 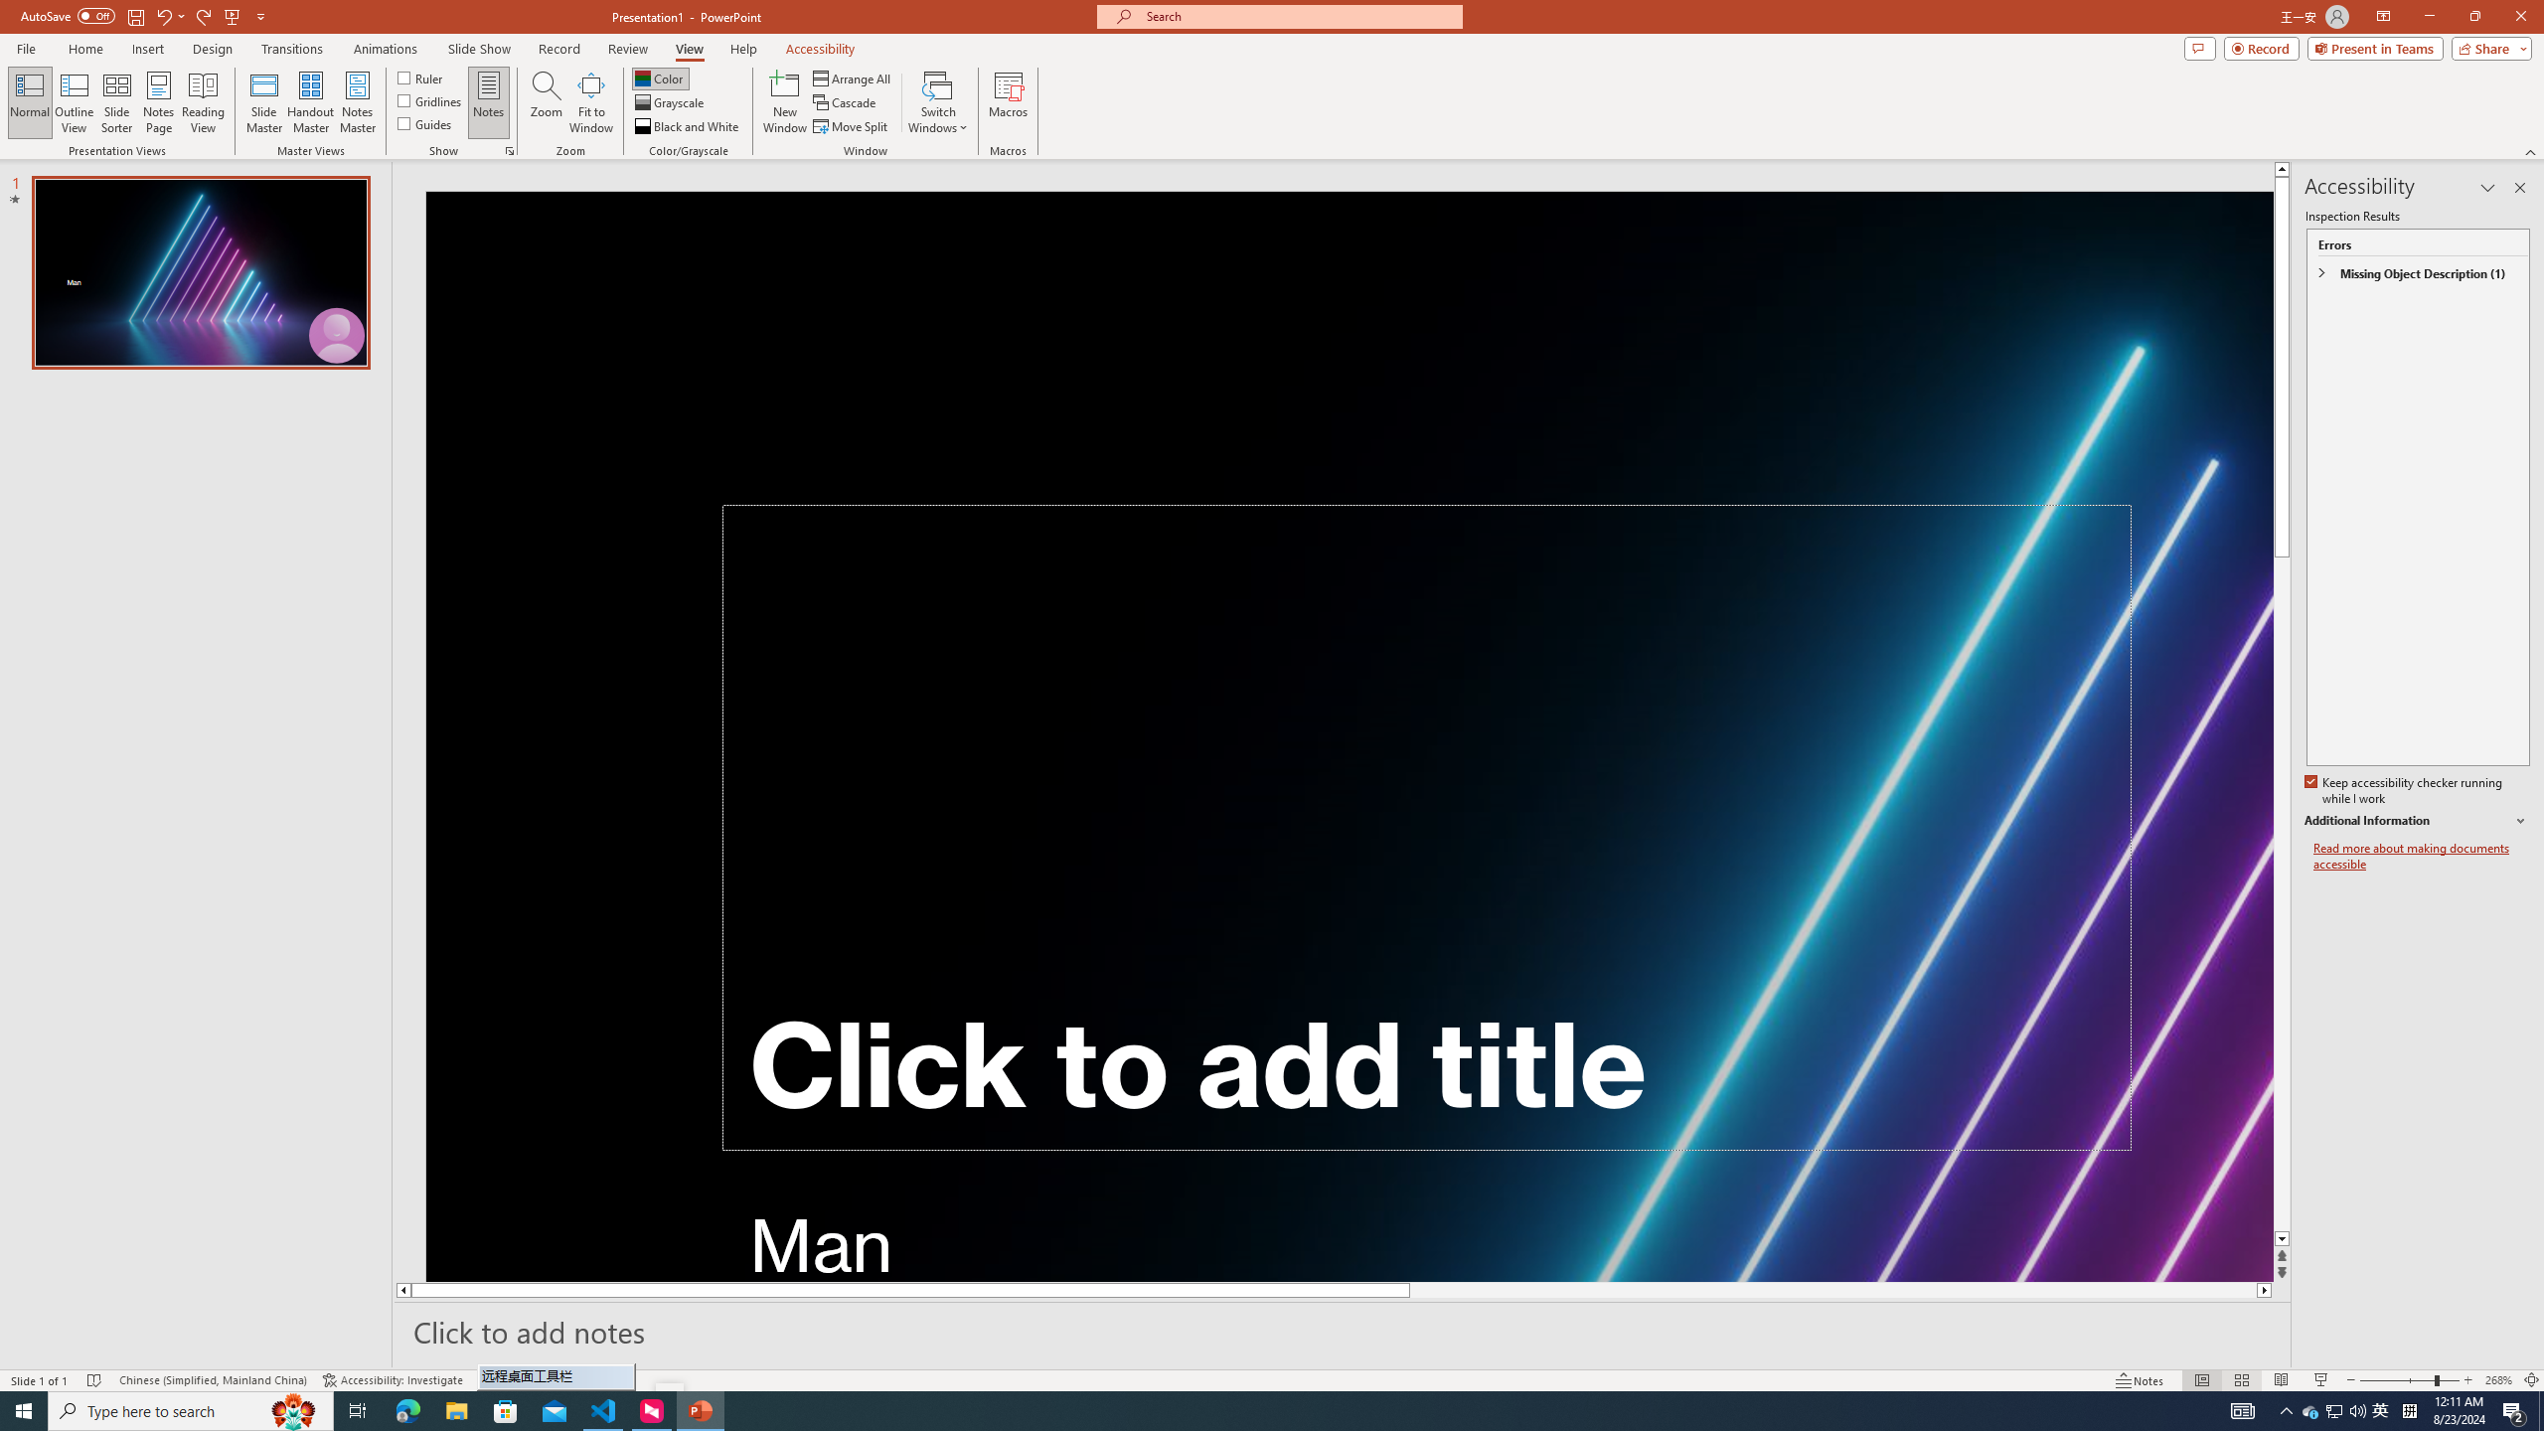 What do you see at coordinates (660, 78) in the screenshot?
I see `'Color'` at bounding box center [660, 78].